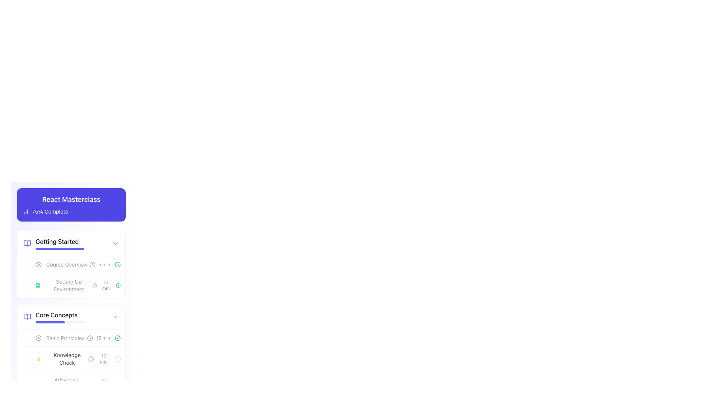 Image resolution: width=727 pixels, height=409 pixels. Describe the element at coordinates (117, 264) in the screenshot. I see `the SVG icon (circle shape) that indicates completion in the 'Setting Up Environment' list item of the 'Getting Started' section` at that location.